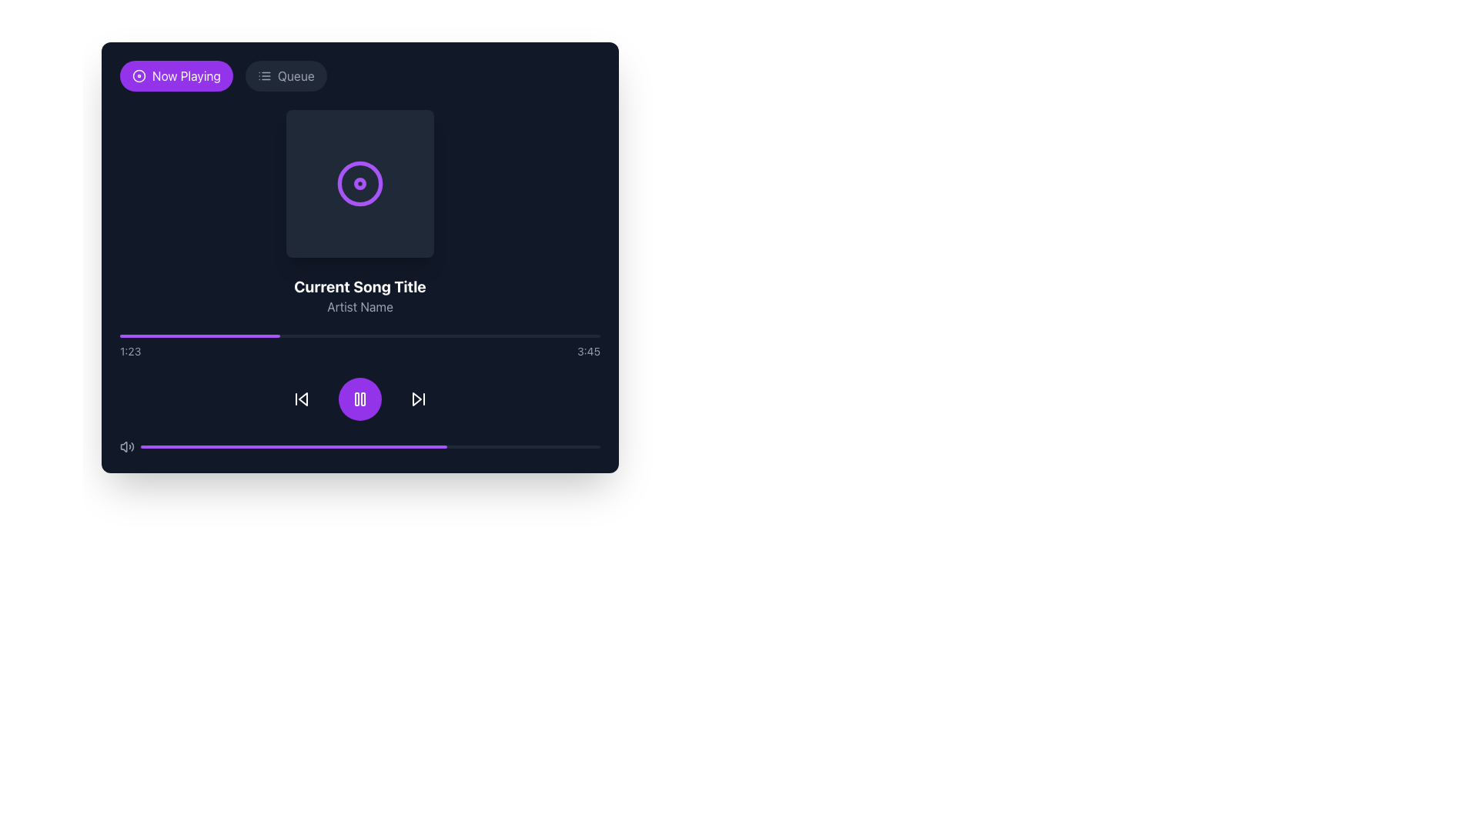  What do you see at coordinates (359, 399) in the screenshot?
I see `the circular purple pause button located in the center of the media player interface to indicate interactivity by changing its color` at bounding box center [359, 399].